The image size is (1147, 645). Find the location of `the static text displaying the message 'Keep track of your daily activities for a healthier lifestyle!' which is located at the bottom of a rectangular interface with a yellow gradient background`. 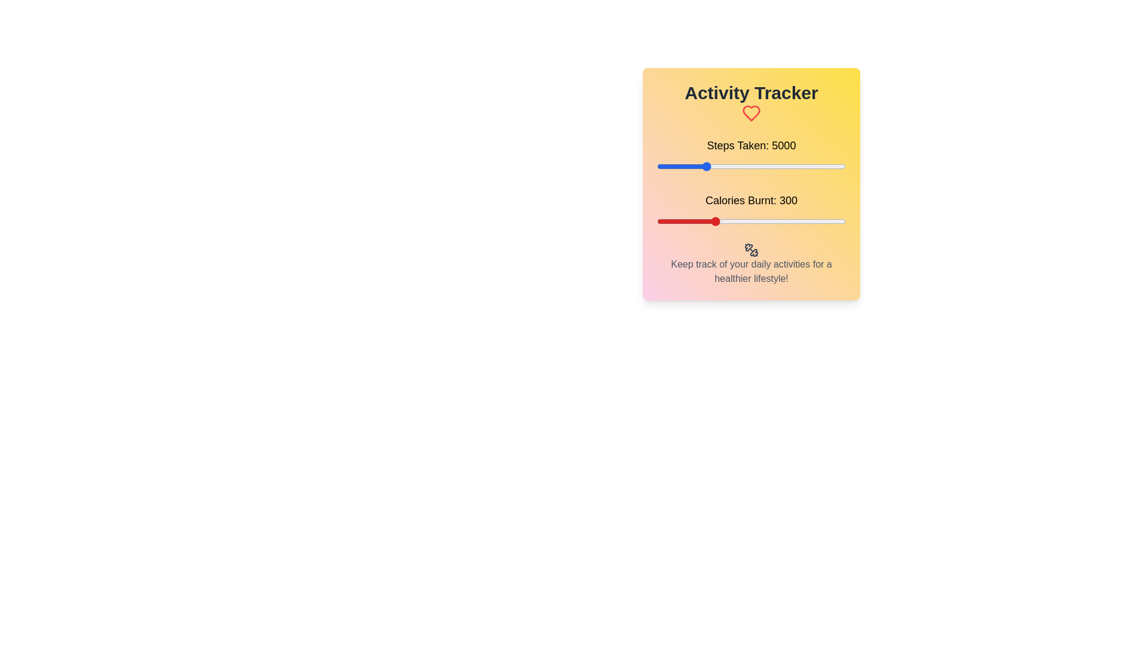

the static text displaying the message 'Keep track of your daily activities for a healthier lifestyle!' which is located at the bottom of a rectangular interface with a yellow gradient background is located at coordinates (750, 271).